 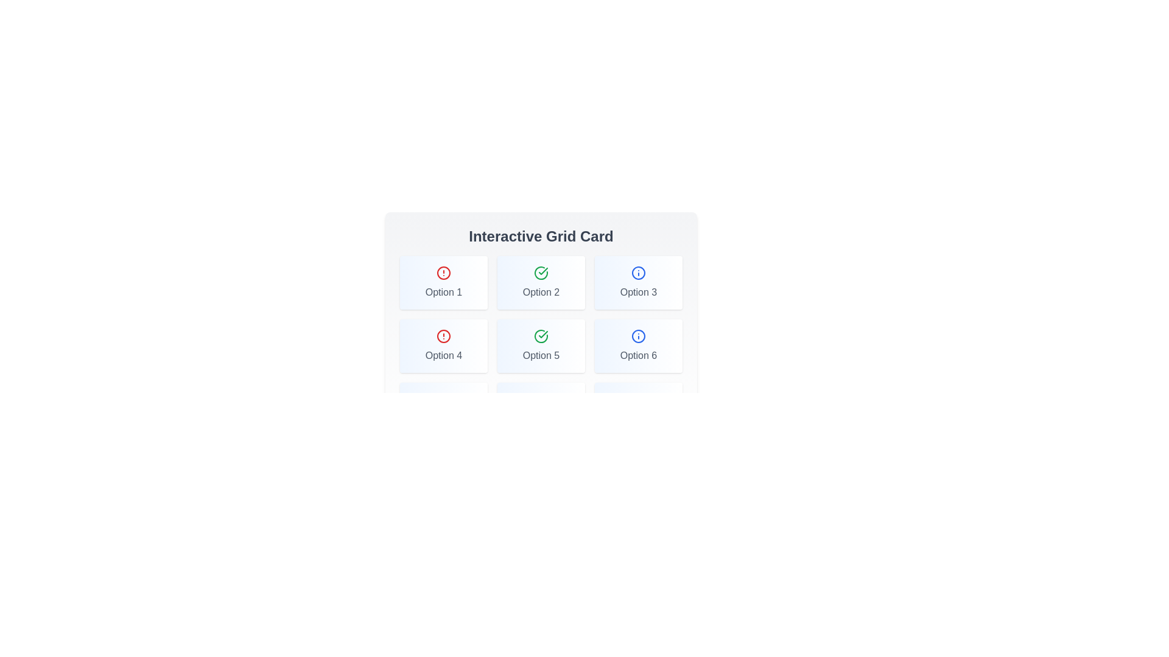 I want to click on the selectable card for 'Option 5' in the grid layout, so click(x=540, y=346).